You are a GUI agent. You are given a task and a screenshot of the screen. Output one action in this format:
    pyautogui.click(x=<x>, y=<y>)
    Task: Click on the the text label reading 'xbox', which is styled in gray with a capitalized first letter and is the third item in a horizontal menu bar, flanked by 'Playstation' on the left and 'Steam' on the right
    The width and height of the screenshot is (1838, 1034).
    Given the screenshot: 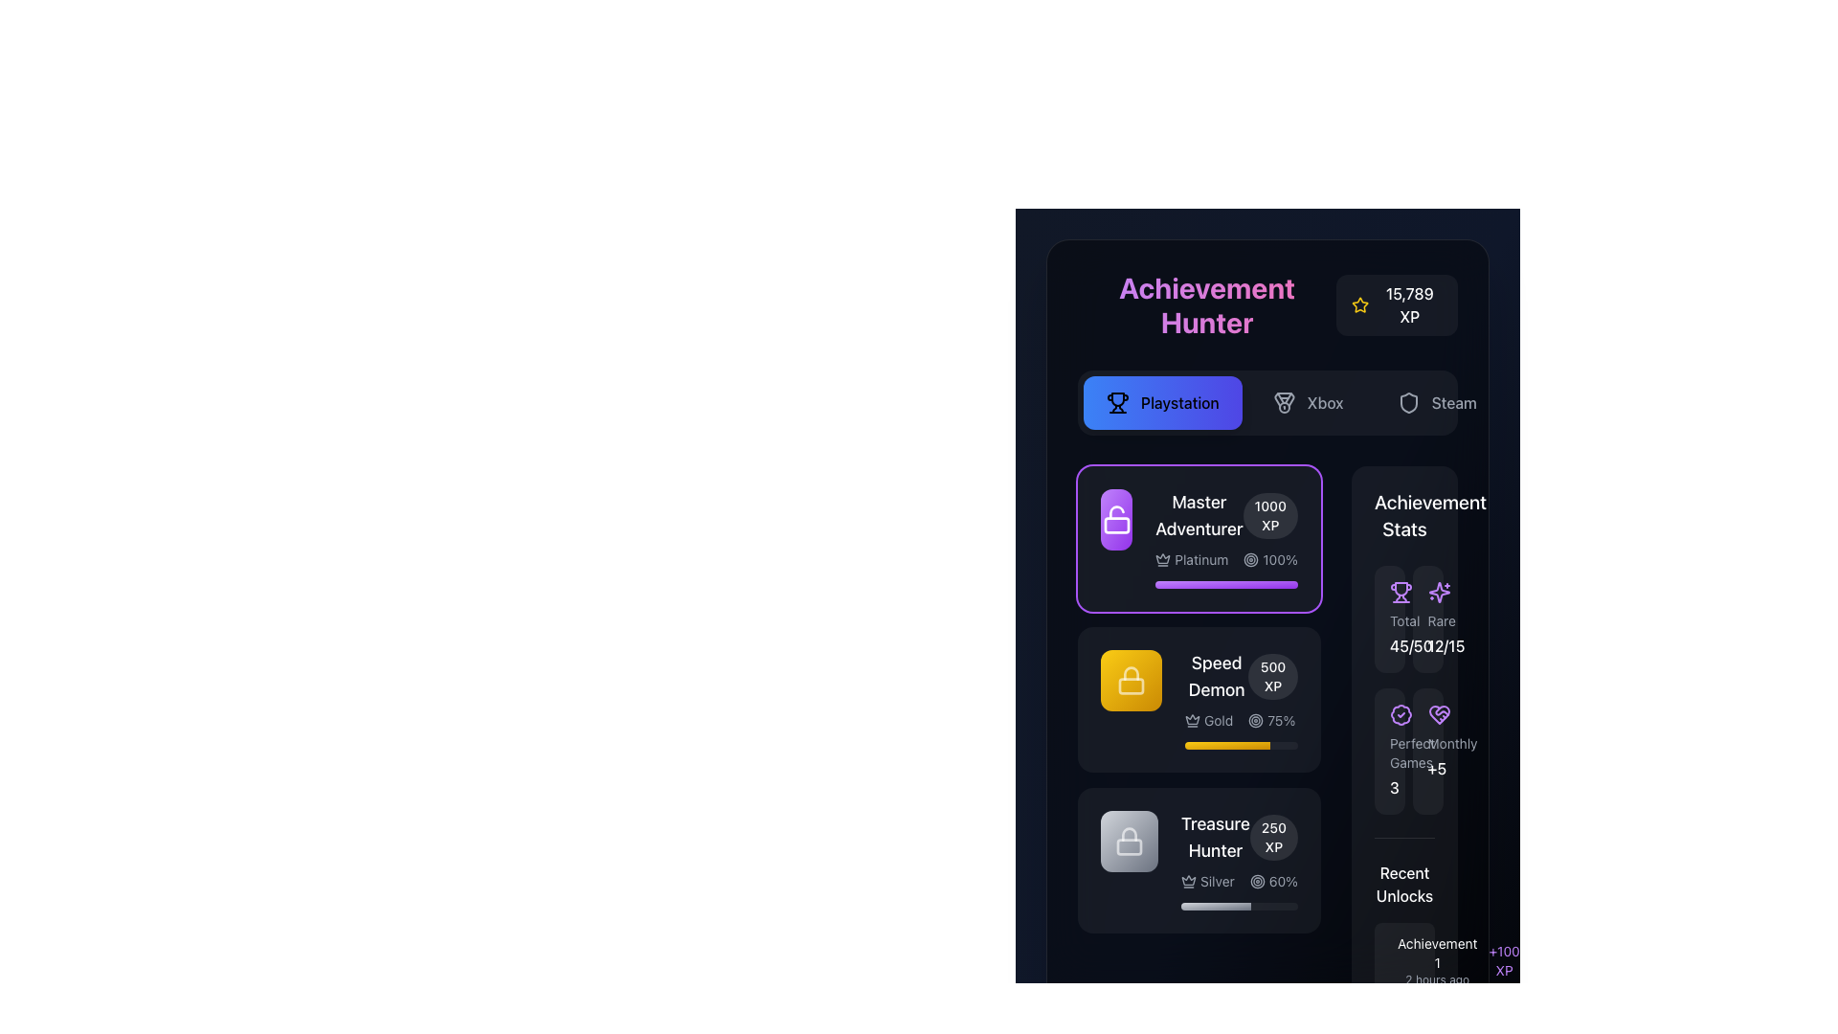 What is the action you would take?
    pyautogui.click(x=1324, y=401)
    